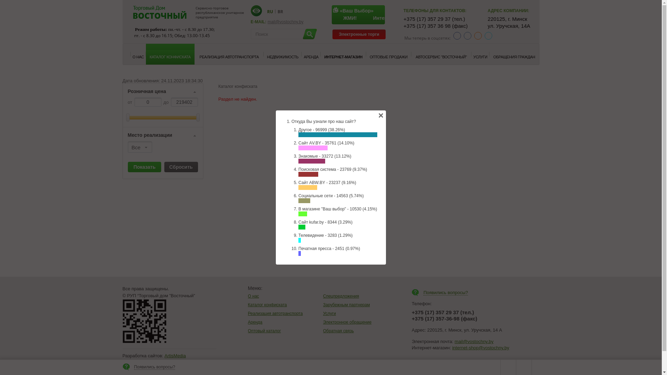 This screenshot has height=375, width=667. I want to click on 'BR', so click(280, 11).